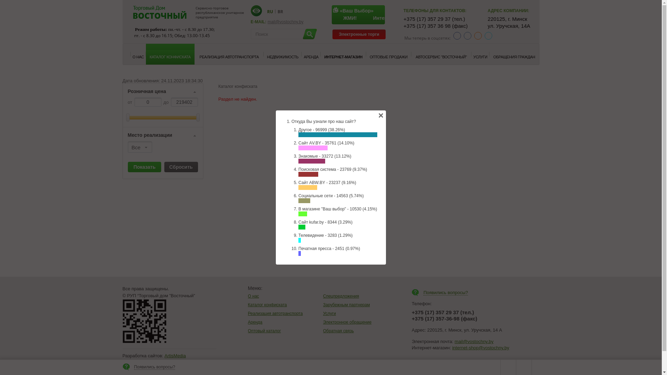 This screenshot has height=375, width=667. I want to click on 'BR', so click(280, 11).